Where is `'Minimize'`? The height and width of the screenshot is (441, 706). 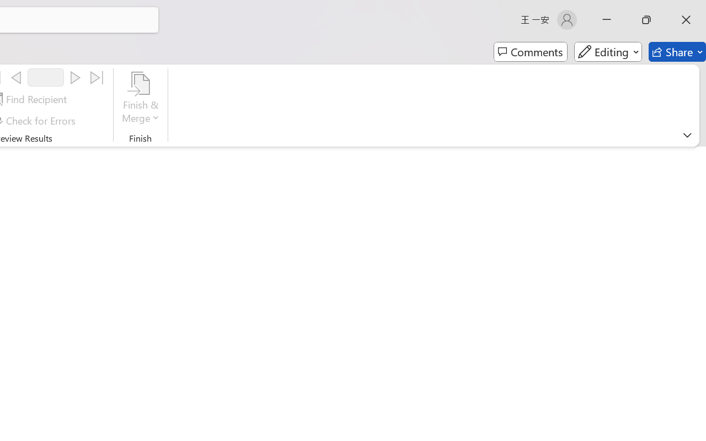
'Minimize' is located at coordinates (606, 19).